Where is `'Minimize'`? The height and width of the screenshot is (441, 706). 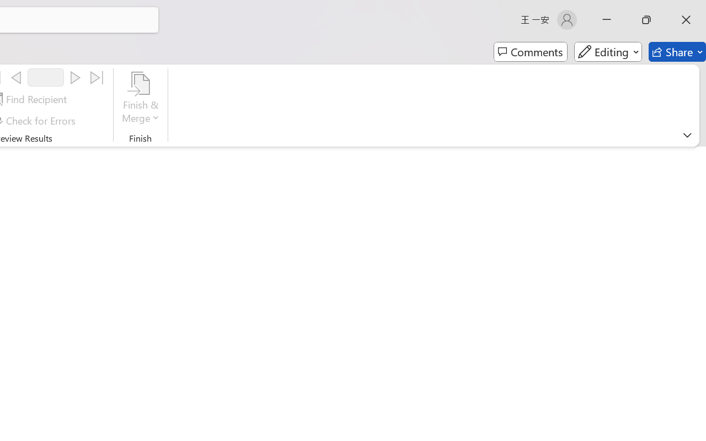
'Minimize' is located at coordinates (606, 19).